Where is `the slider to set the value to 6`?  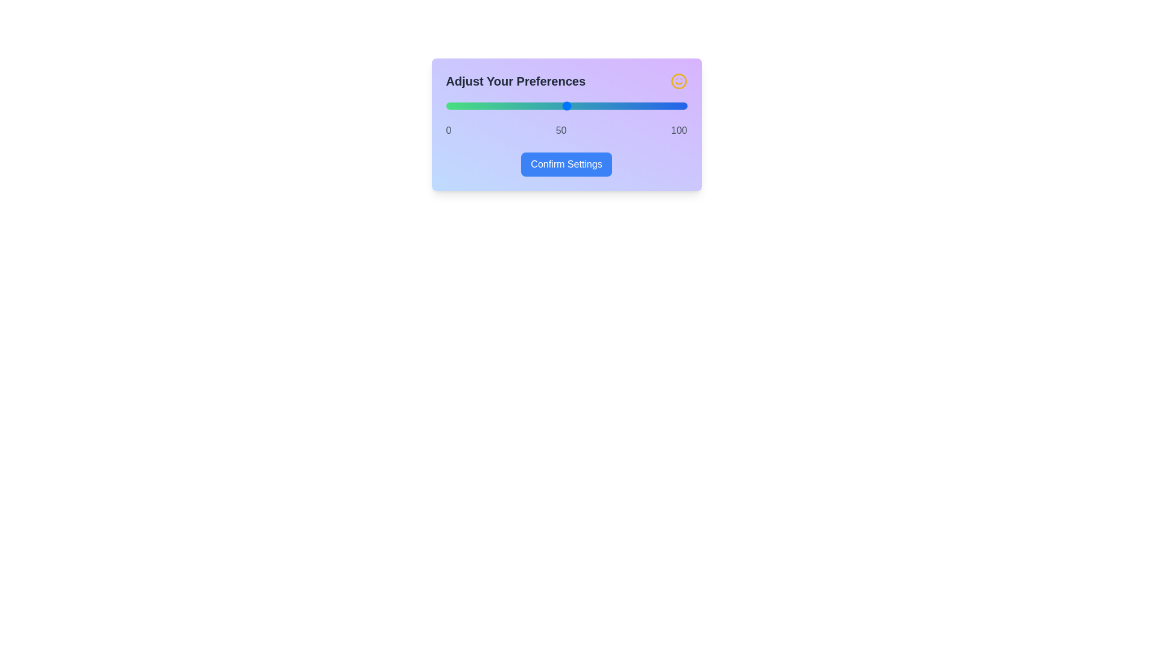
the slider to set the value to 6 is located at coordinates (460, 105).